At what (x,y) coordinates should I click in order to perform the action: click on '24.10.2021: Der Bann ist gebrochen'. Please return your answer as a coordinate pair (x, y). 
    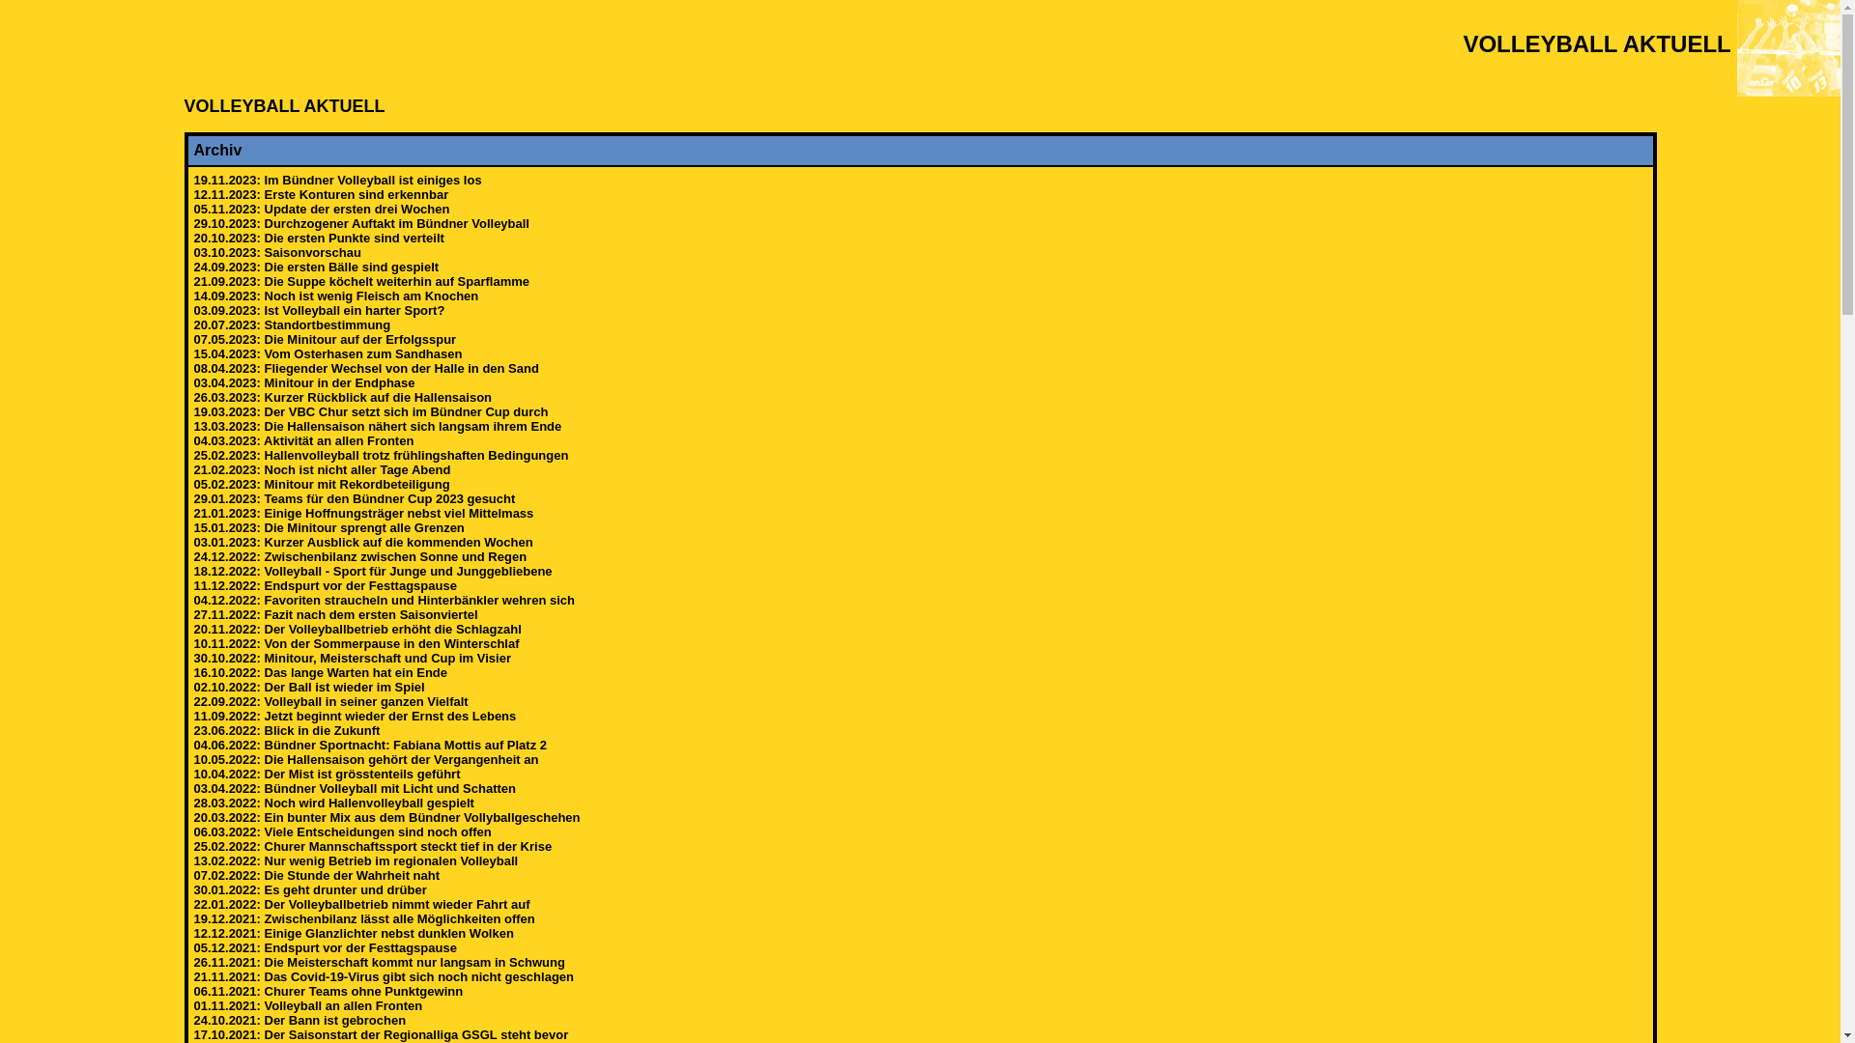
    Looking at the image, I should click on (193, 1019).